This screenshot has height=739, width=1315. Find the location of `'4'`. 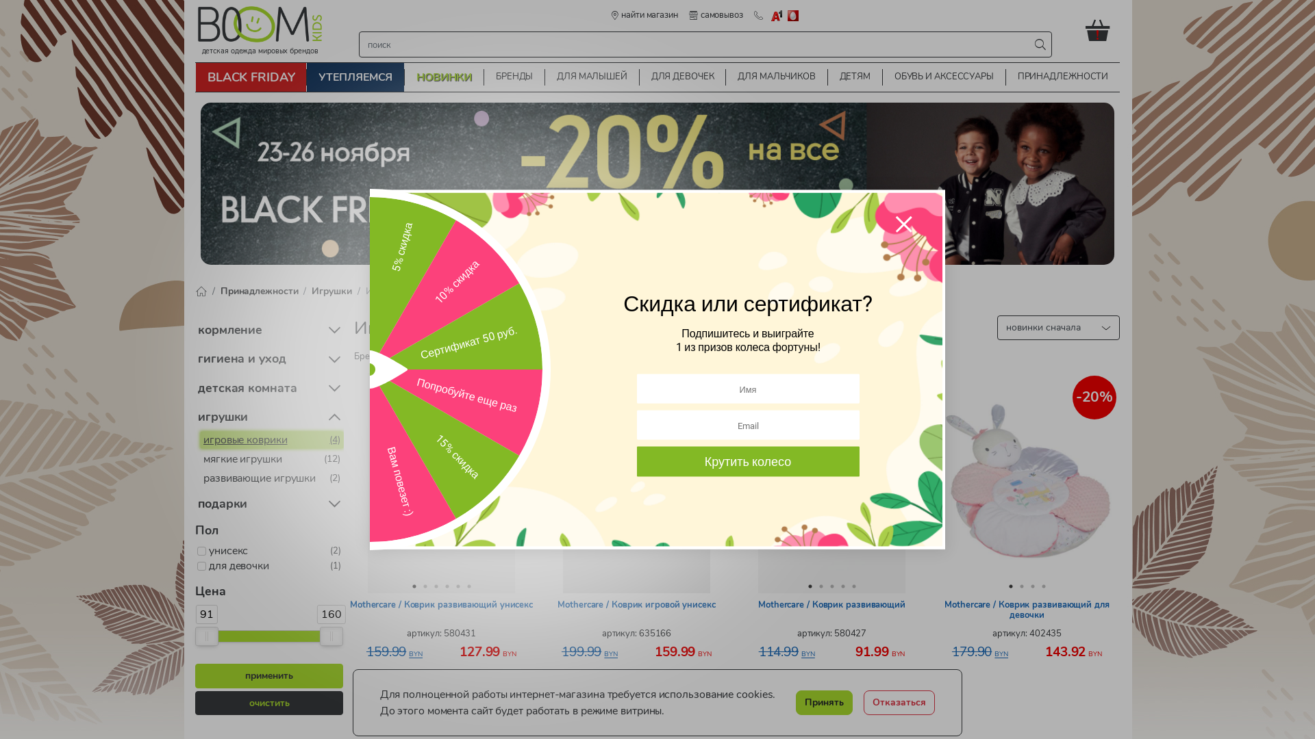

'4' is located at coordinates (1042, 585).